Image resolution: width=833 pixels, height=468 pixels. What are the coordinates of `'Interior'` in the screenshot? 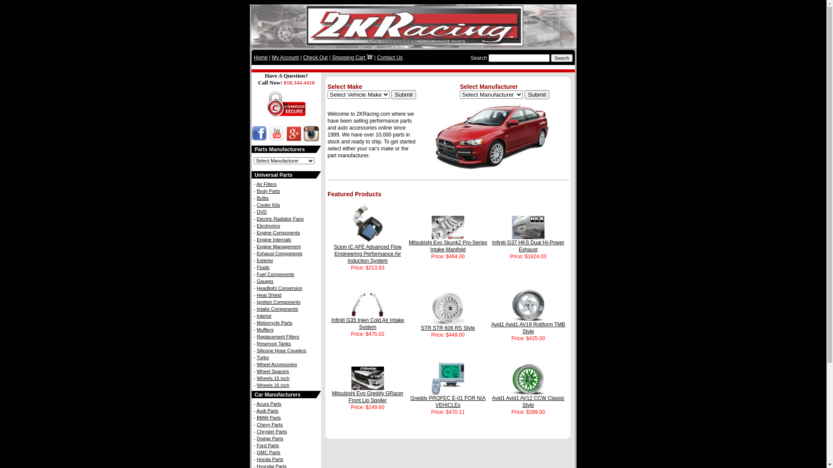 It's located at (264, 316).